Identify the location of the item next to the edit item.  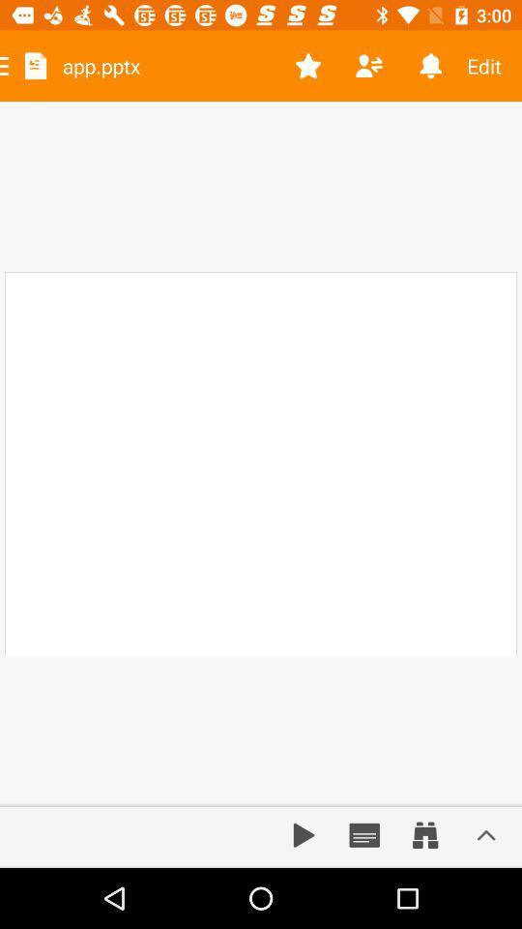
(430, 66).